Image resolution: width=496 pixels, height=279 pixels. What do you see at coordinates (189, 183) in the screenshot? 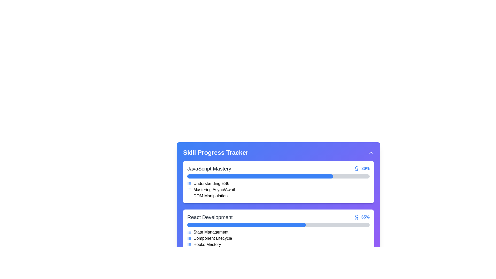
I see `the graphical icon representing a bullet list or item categorization marker located to the immediate left of the text 'Understanding ES6' under the 'JavaScript Mastery' section within the Skill Progress Tracker area` at bounding box center [189, 183].